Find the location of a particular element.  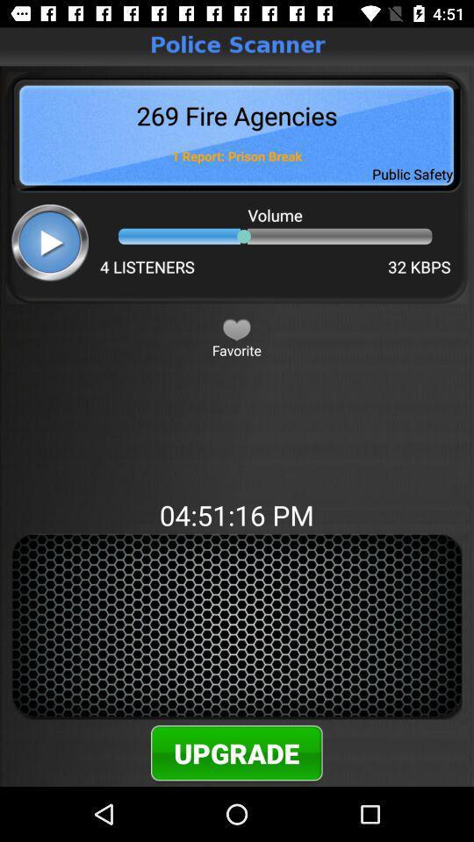

favorite is located at coordinates (236, 328).